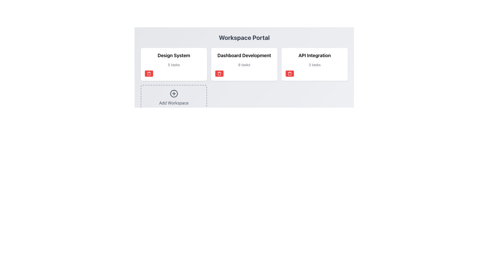 The width and height of the screenshot is (495, 278). I want to click on the red rectangular delete button with a white trash can icon located in the 'API Integration' section, so click(290, 73).